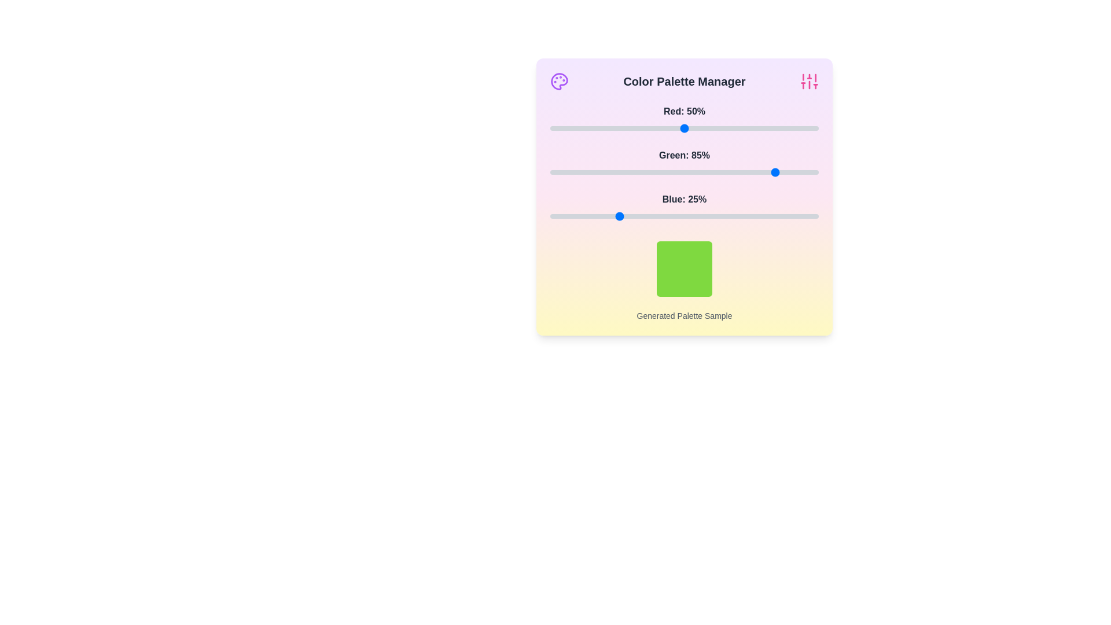 This screenshot has height=625, width=1111. Describe the element at coordinates (624, 128) in the screenshot. I see `the 0 slider to 28% to observe the updated color sample box` at that location.